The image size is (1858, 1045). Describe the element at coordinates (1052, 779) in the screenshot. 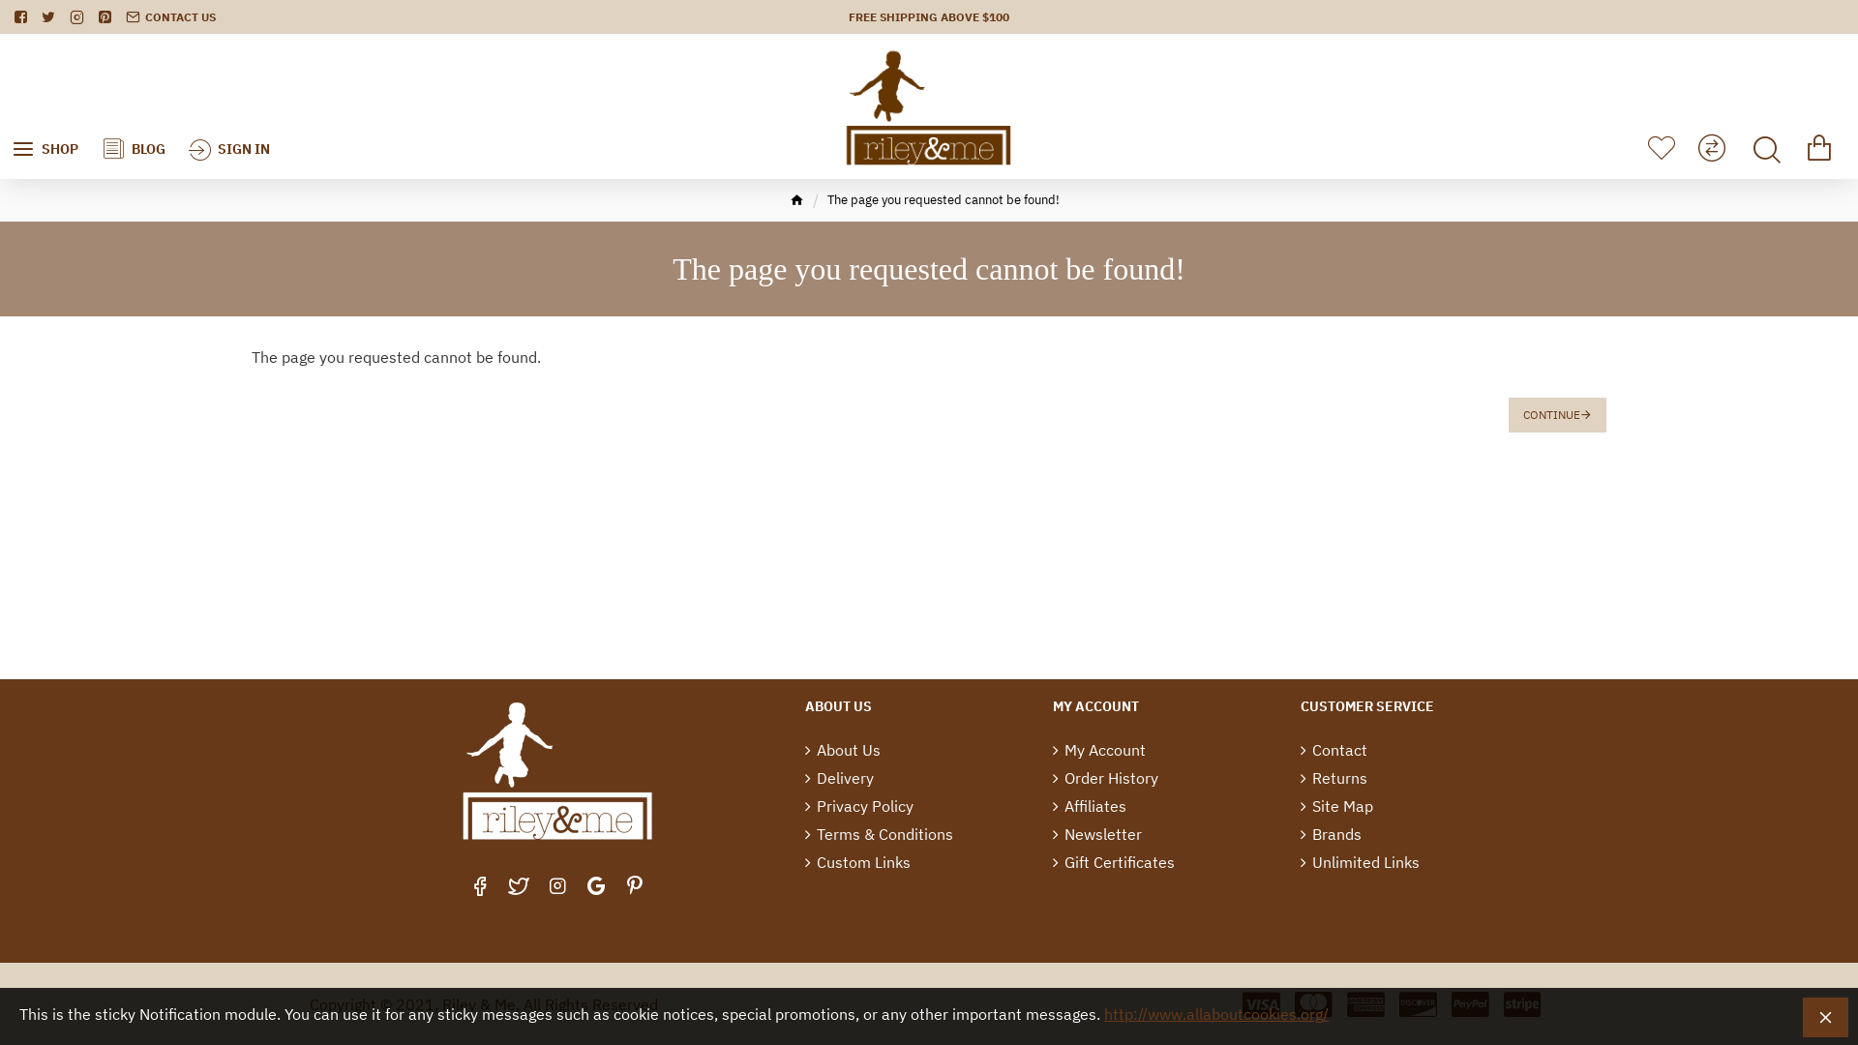

I see `'Order History'` at that location.